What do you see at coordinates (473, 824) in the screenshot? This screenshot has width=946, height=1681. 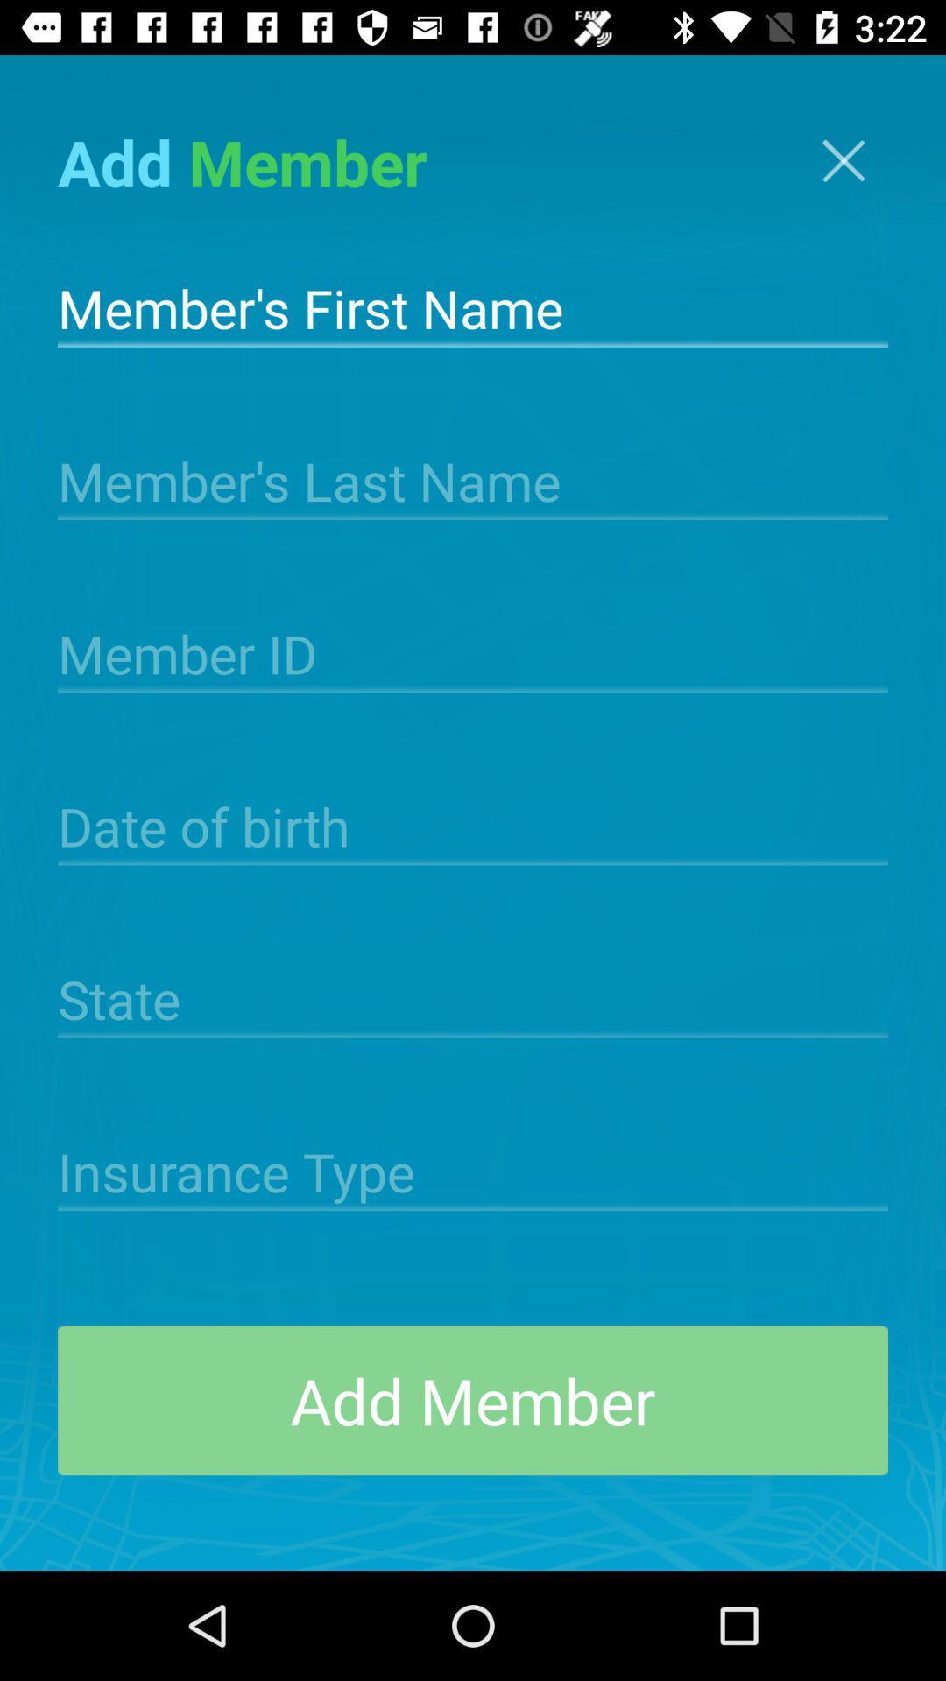 I see `autoi fill date of birth` at bounding box center [473, 824].